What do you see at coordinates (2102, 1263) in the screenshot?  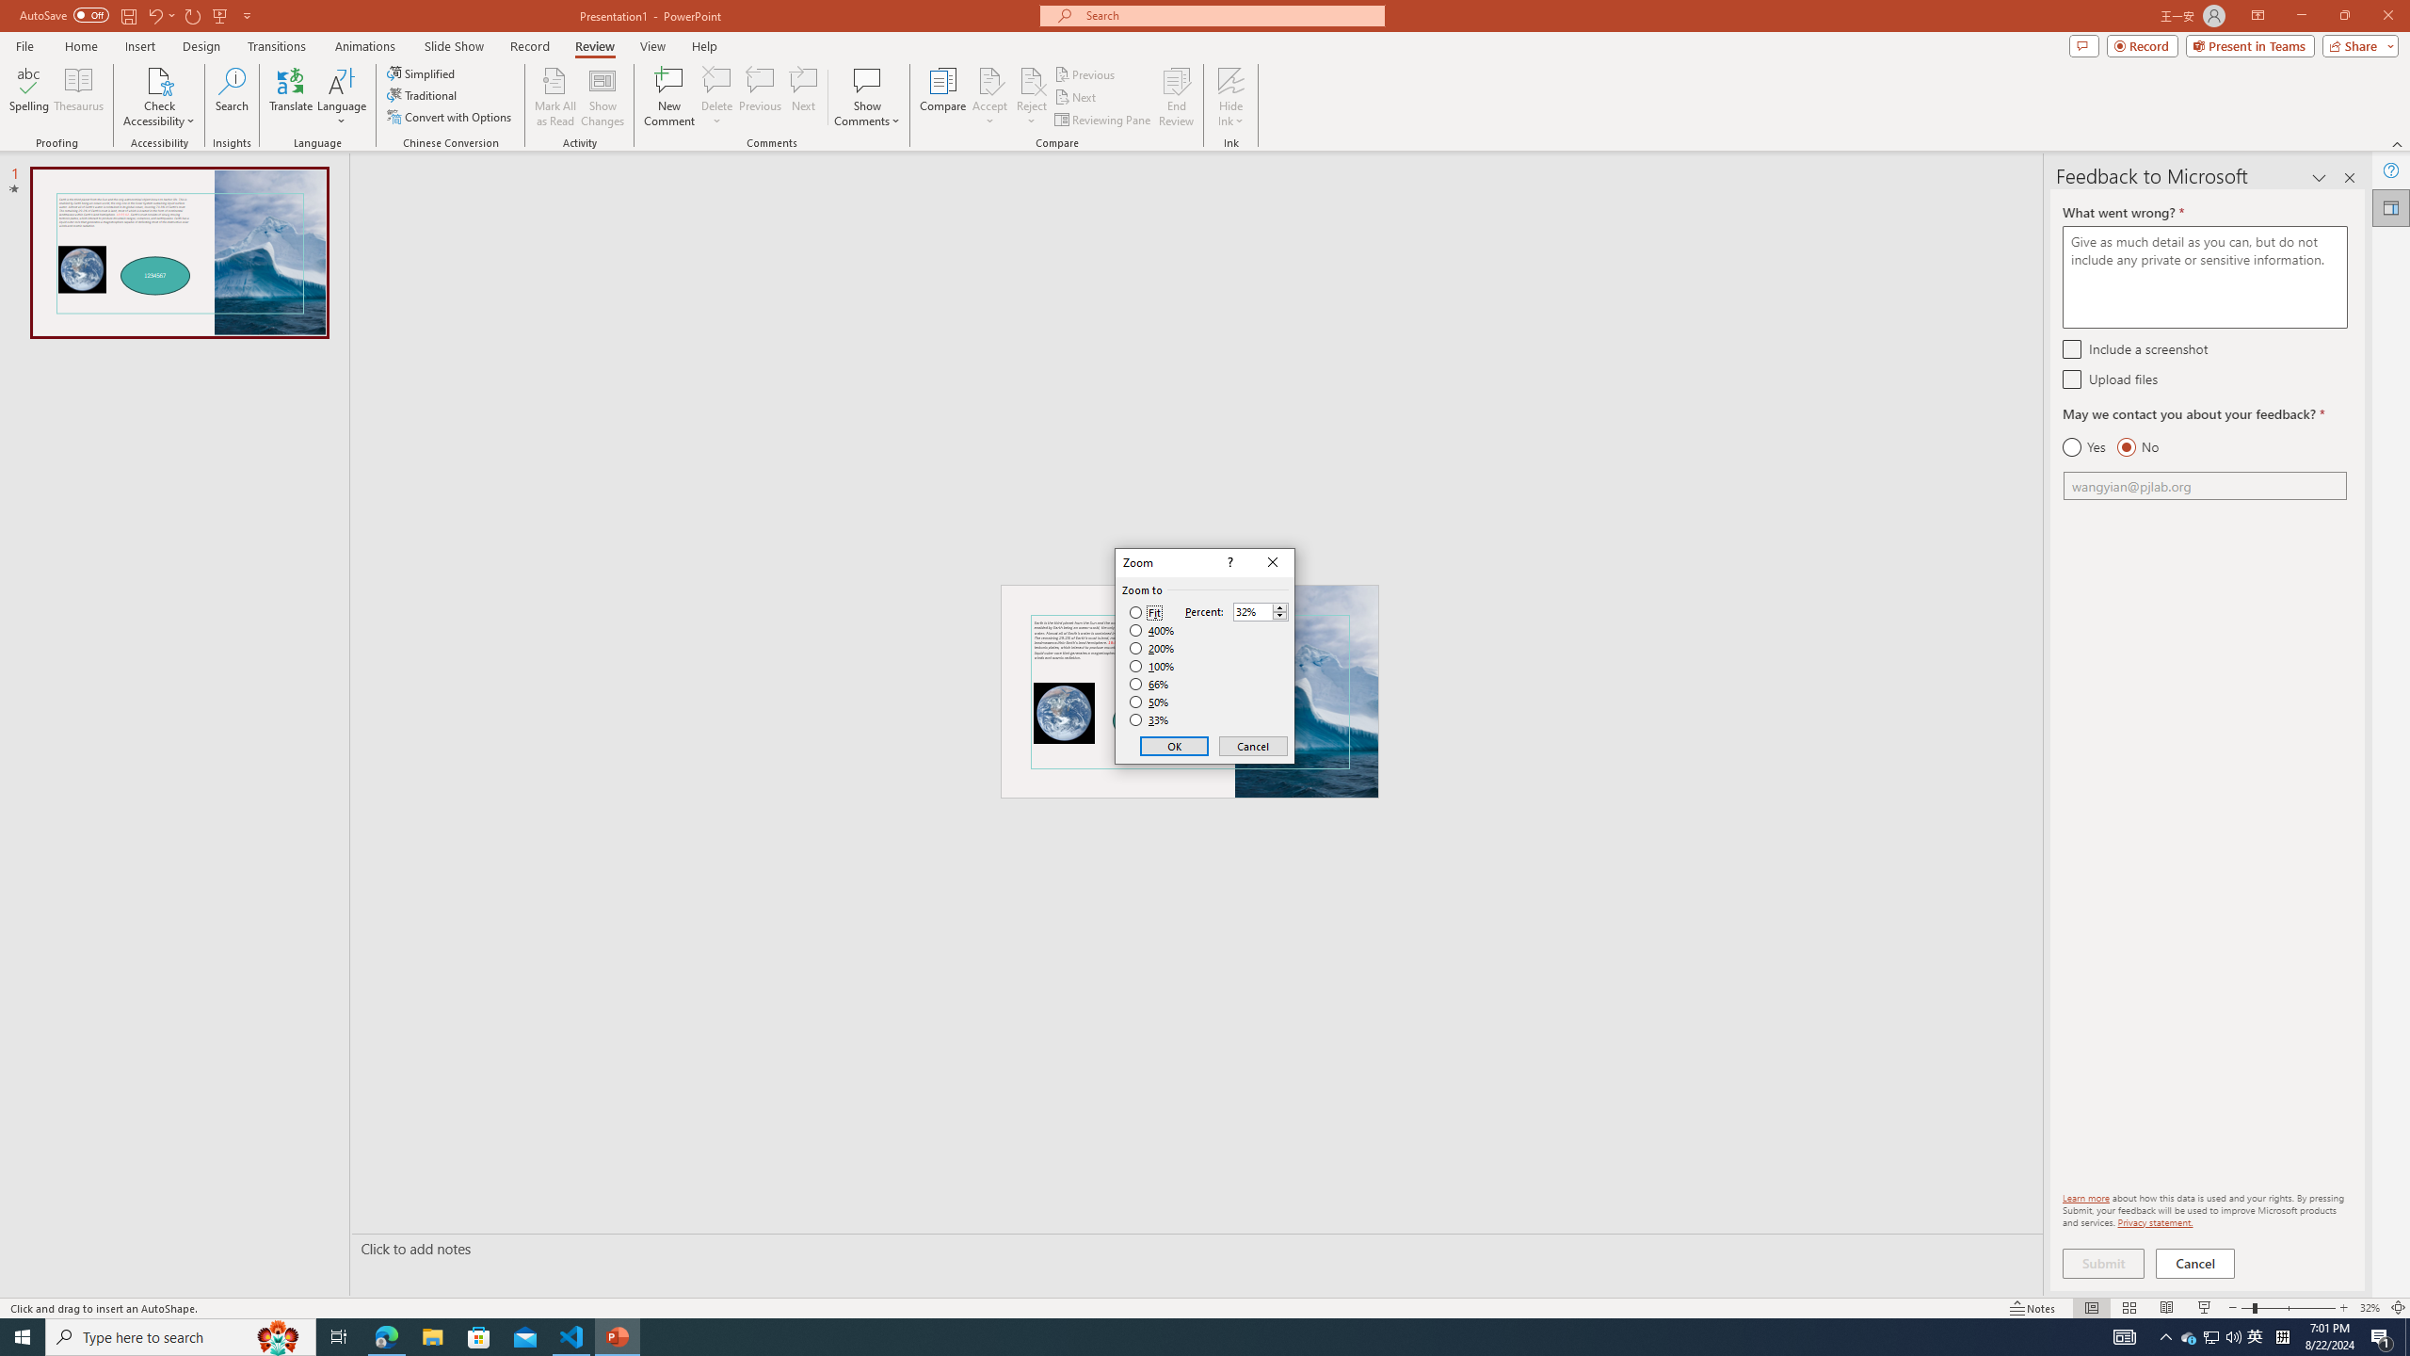 I see `'Submit'` at bounding box center [2102, 1263].